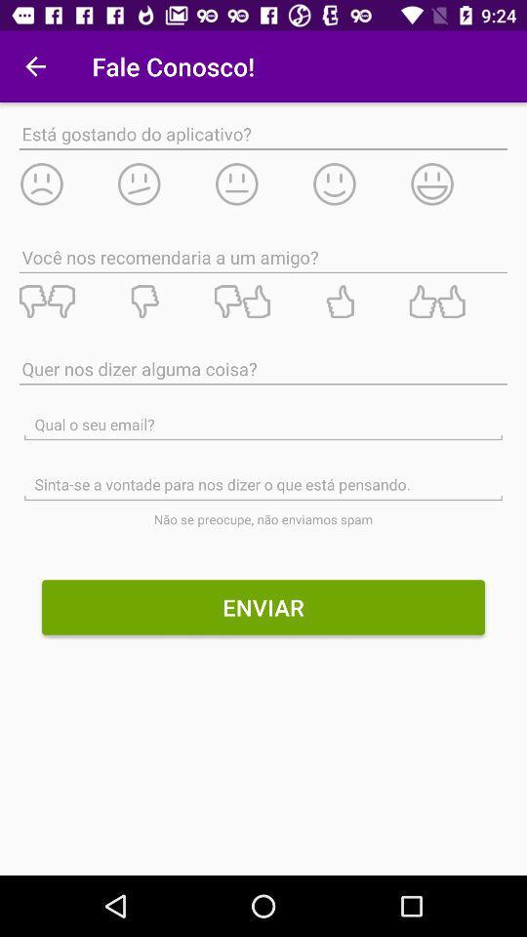 The width and height of the screenshot is (527, 937). Describe the element at coordinates (458, 183) in the screenshot. I see `very happy reaction` at that location.